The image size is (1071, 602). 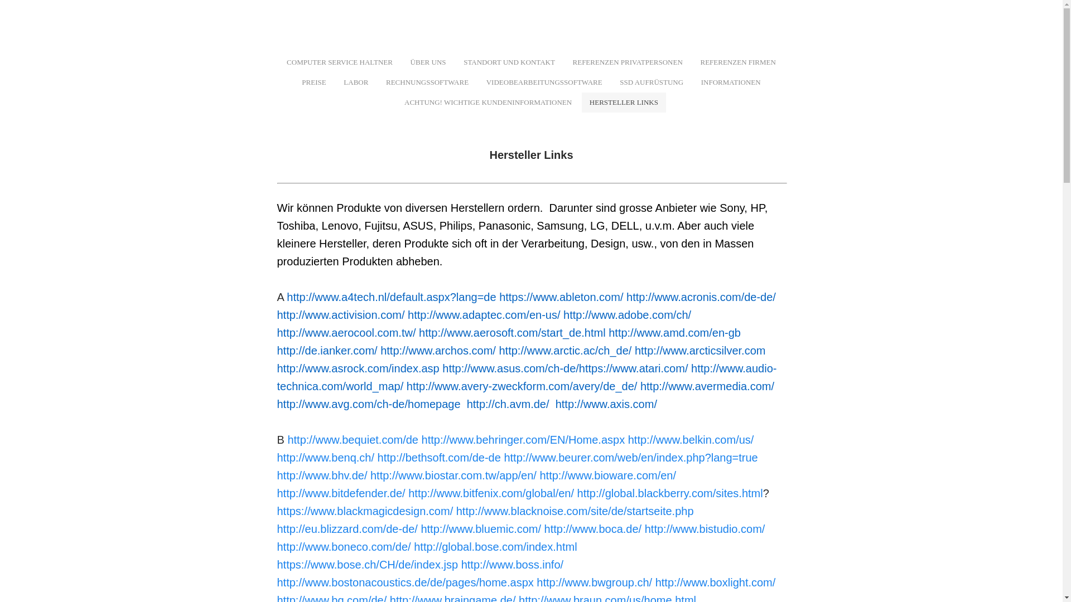 What do you see at coordinates (368, 404) in the screenshot?
I see `'http://www.avg.com/ch-de/homepage'` at bounding box center [368, 404].